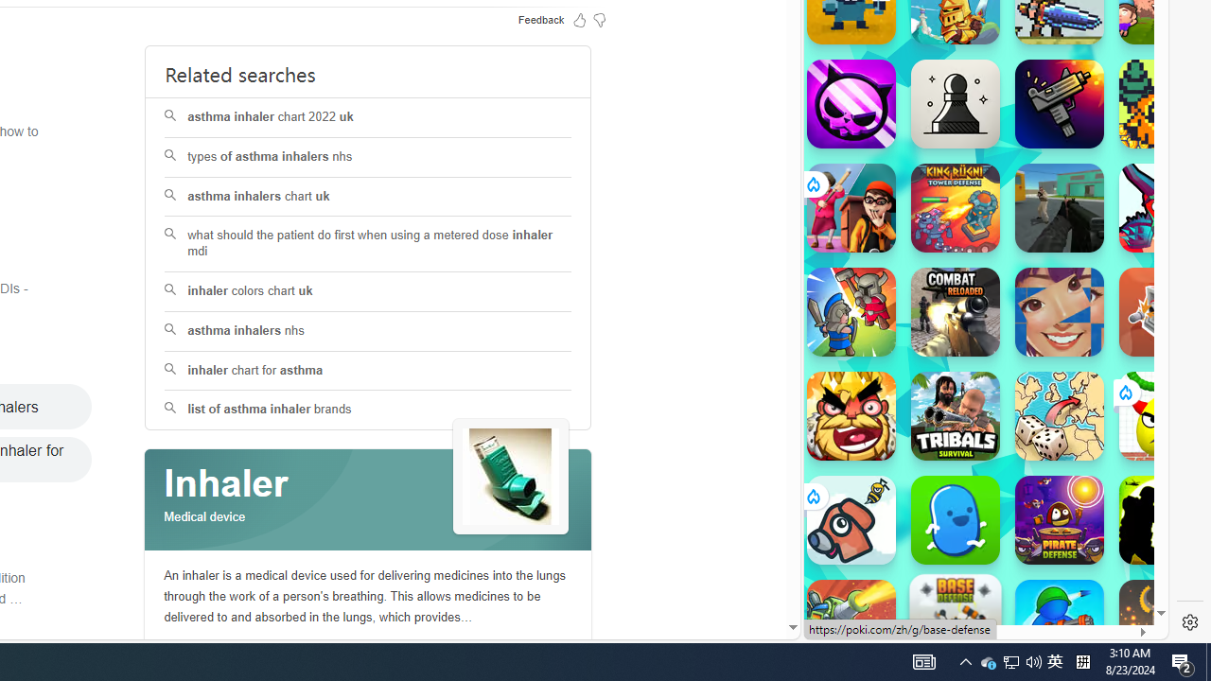  Describe the element at coordinates (368, 117) in the screenshot. I see `'asthma inhaler chart 2022 uk'` at that location.